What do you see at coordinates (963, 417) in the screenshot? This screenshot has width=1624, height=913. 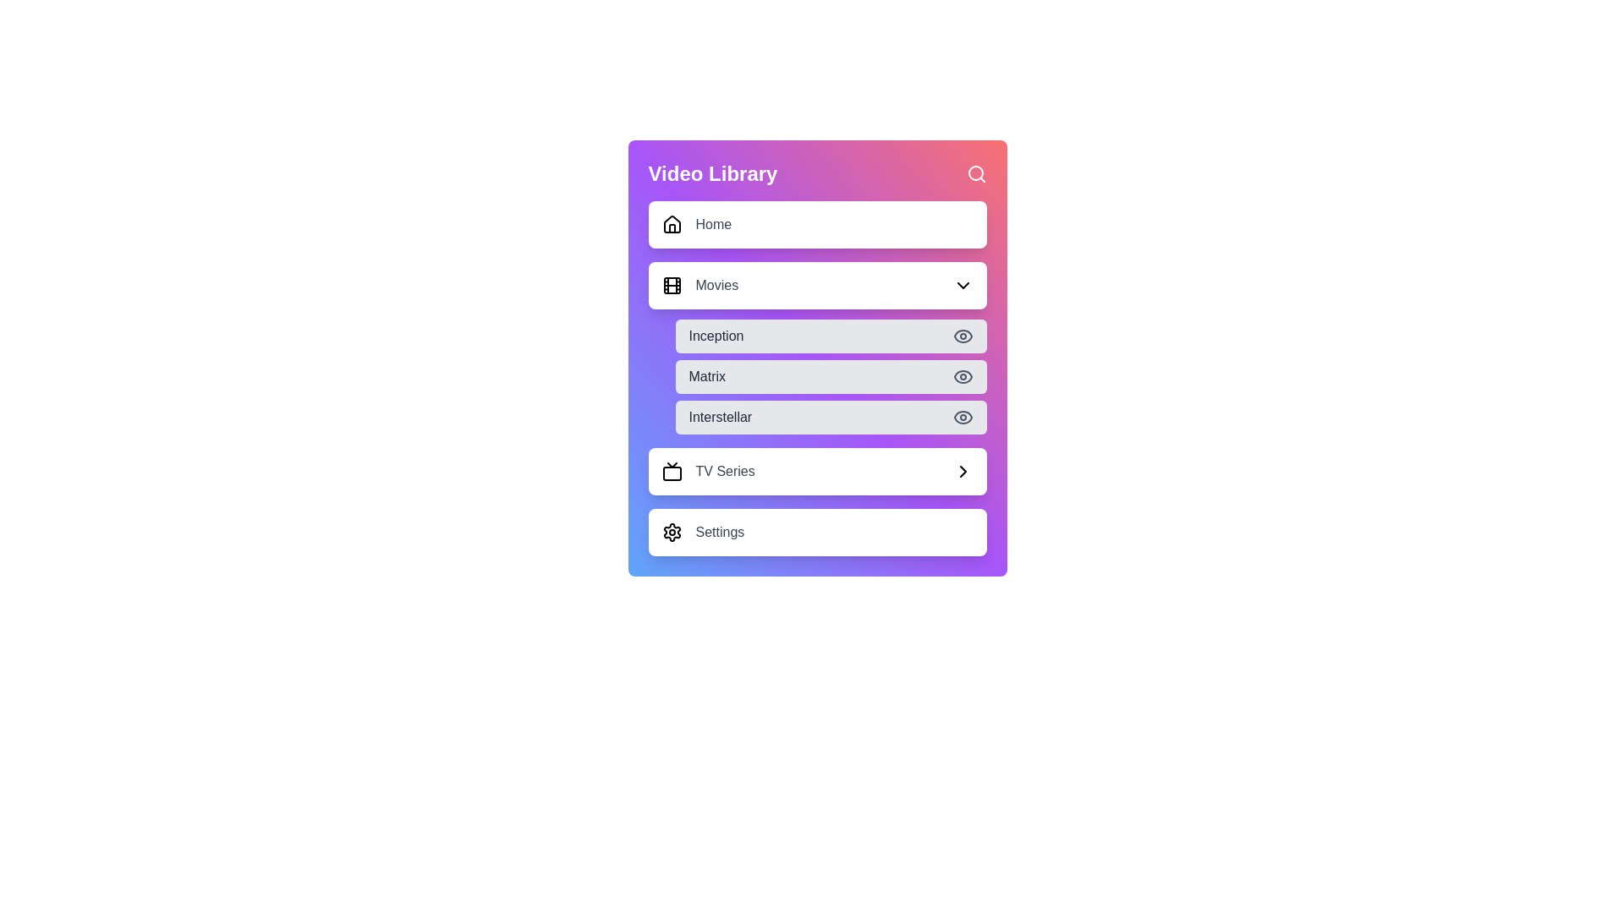 I see `the eye-like icon located to the right of the 'Matrix' label in the 'Movies' section, which indicates visibility for the associated media item` at bounding box center [963, 417].